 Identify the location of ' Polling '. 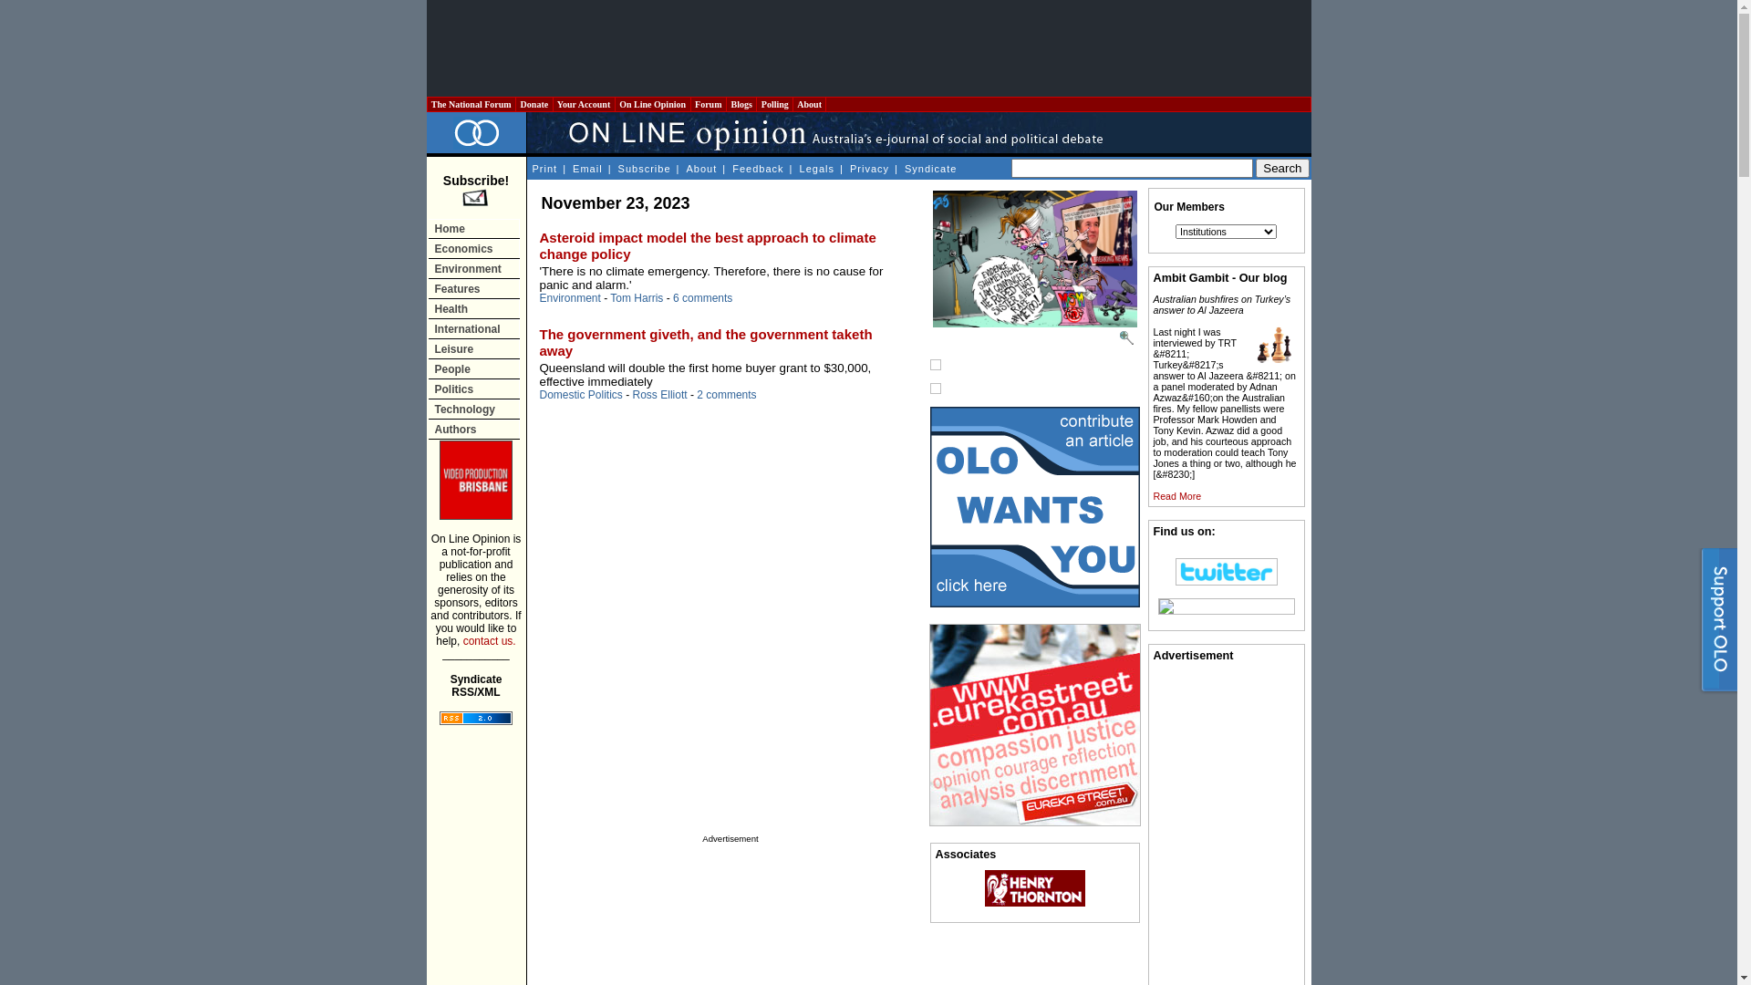
(774, 104).